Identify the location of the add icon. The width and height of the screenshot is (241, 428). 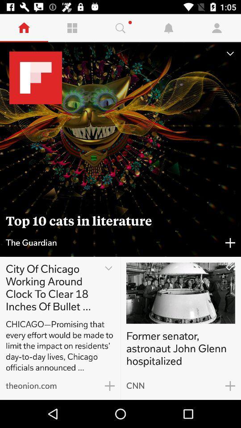
(230, 243).